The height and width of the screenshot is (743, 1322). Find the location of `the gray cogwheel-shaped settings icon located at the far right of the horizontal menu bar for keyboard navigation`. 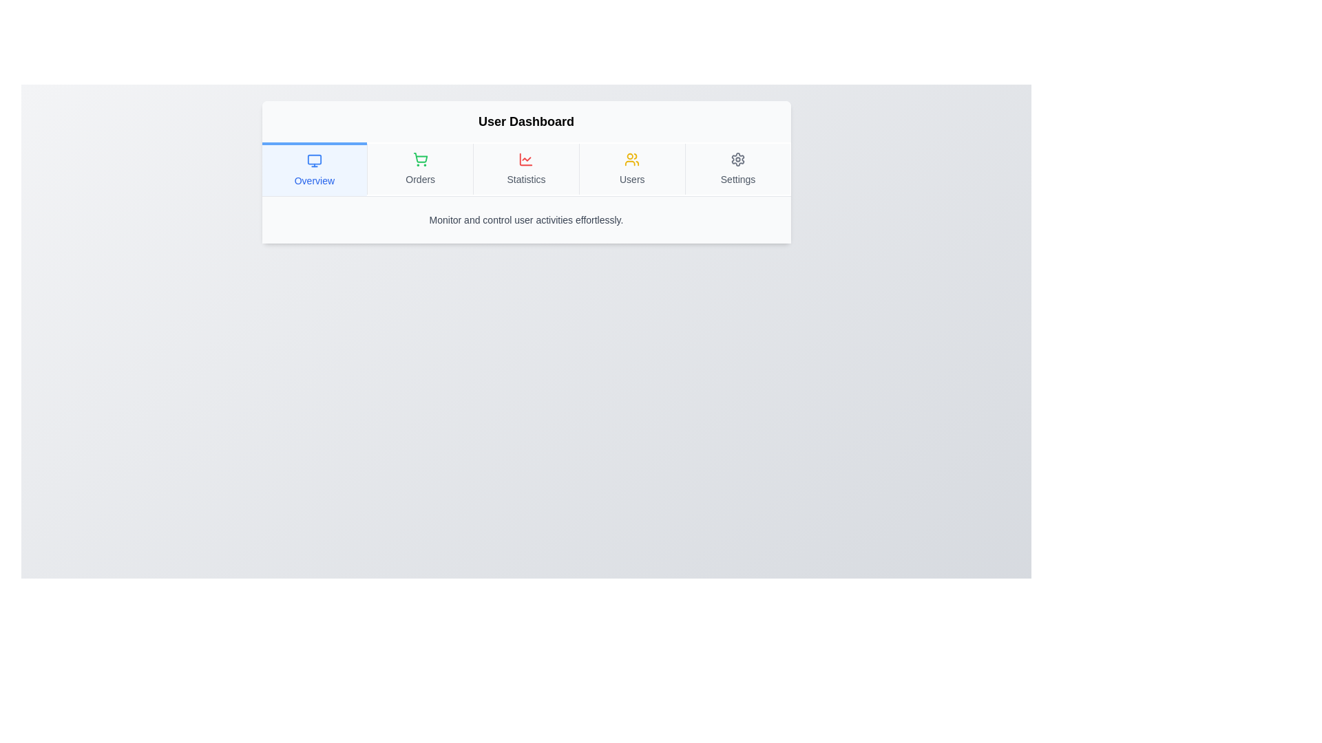

the gray cogwheel-shaped settings icon located at the far right of the horizontal menu bar for keyboard navigation is located at coordinates (737, 158).